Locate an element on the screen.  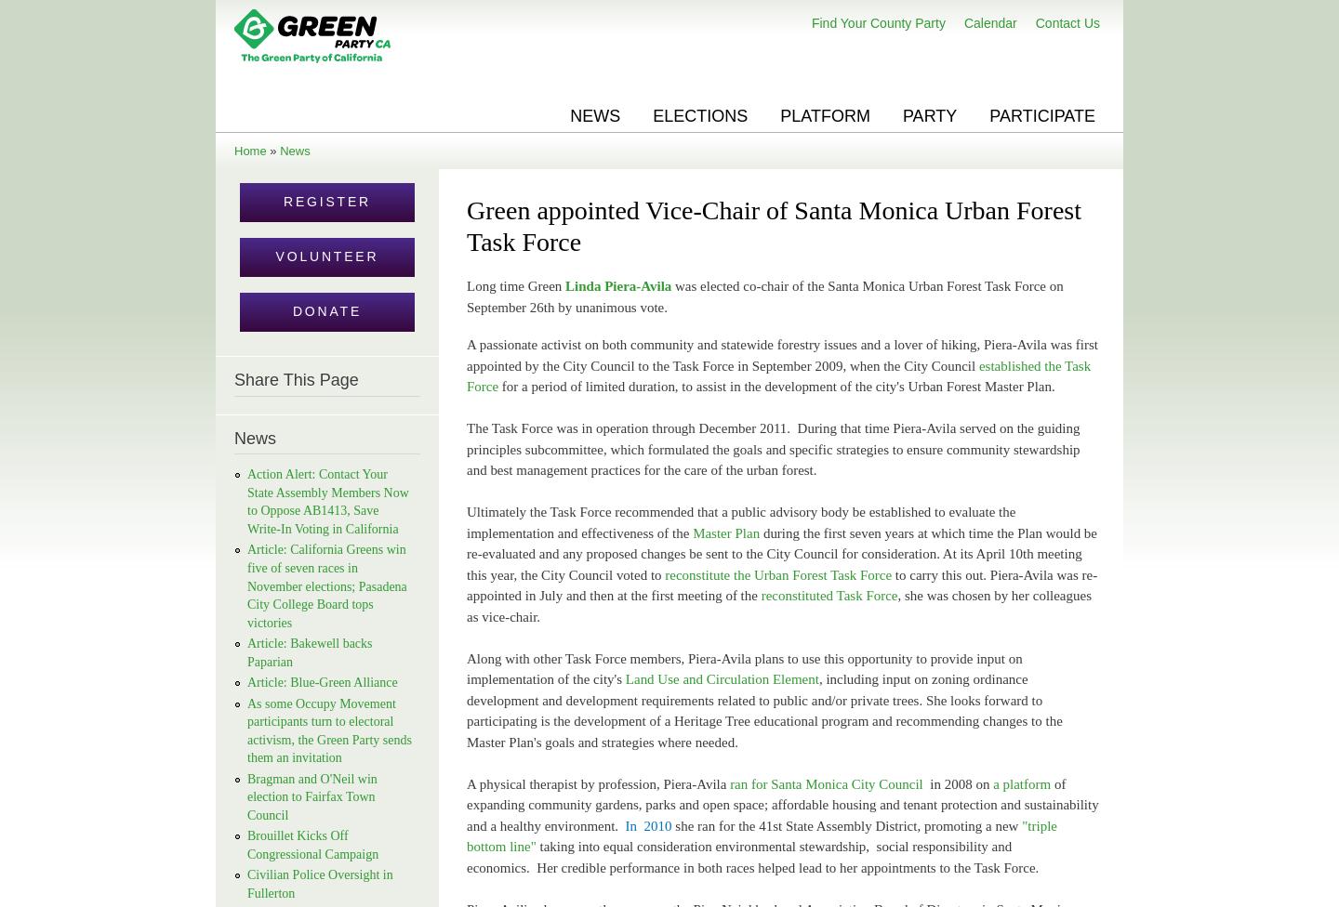
'Ultimately the Task Force recommended that a public advisory body be established to evaluate the implementation and effectiveness of the' is located at coordinates (741, 521).